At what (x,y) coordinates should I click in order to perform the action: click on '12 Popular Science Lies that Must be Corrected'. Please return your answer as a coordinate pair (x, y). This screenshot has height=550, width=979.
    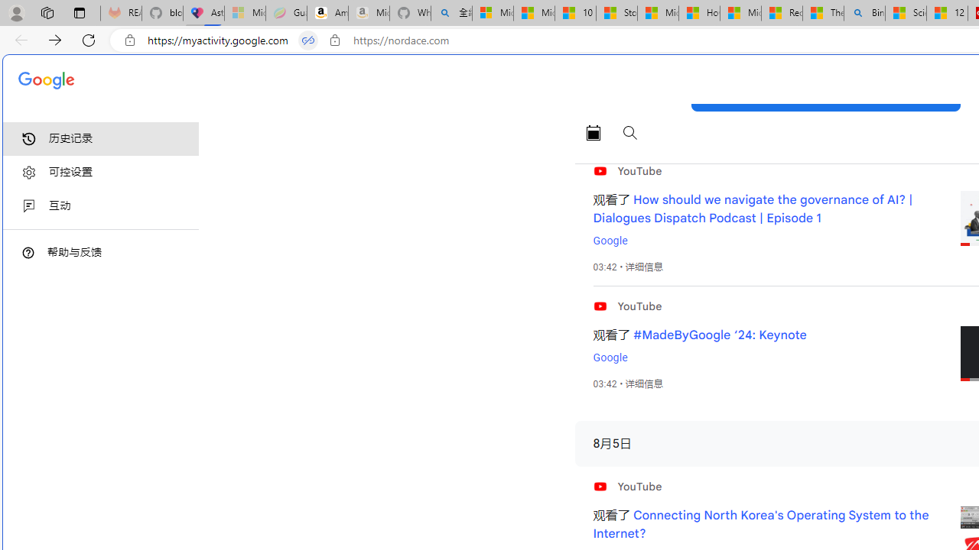
    Looking at the image, I should click on (946, 13).